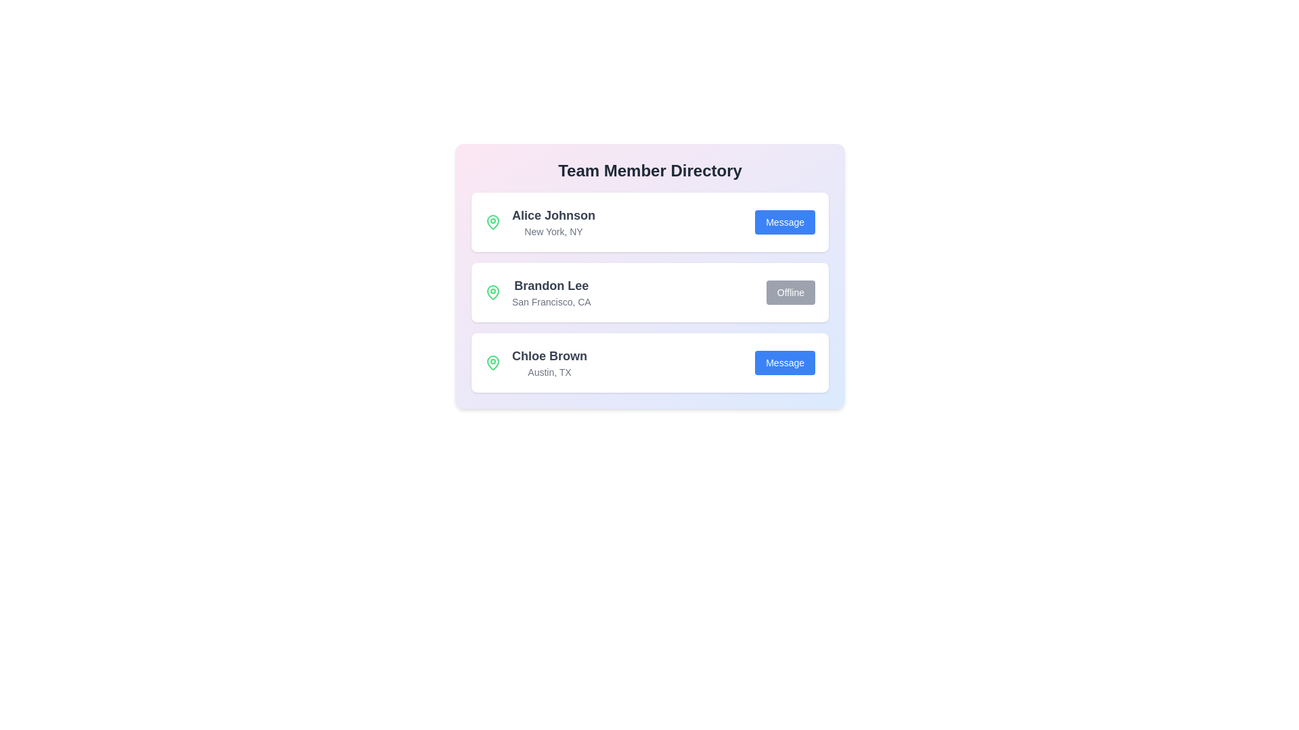 Image resolution: width=1299 pixels, height=730 pixels. What do you see at coordinates (493, 362) in the screenshot?
I see `the map pin icon for Chloe Brown` at bounding box center [493, 362].